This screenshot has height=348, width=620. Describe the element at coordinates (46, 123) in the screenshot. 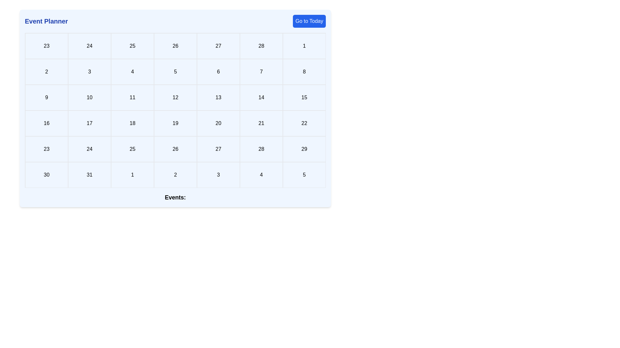

I see `the calendar cell representing the 16th day` at that location.